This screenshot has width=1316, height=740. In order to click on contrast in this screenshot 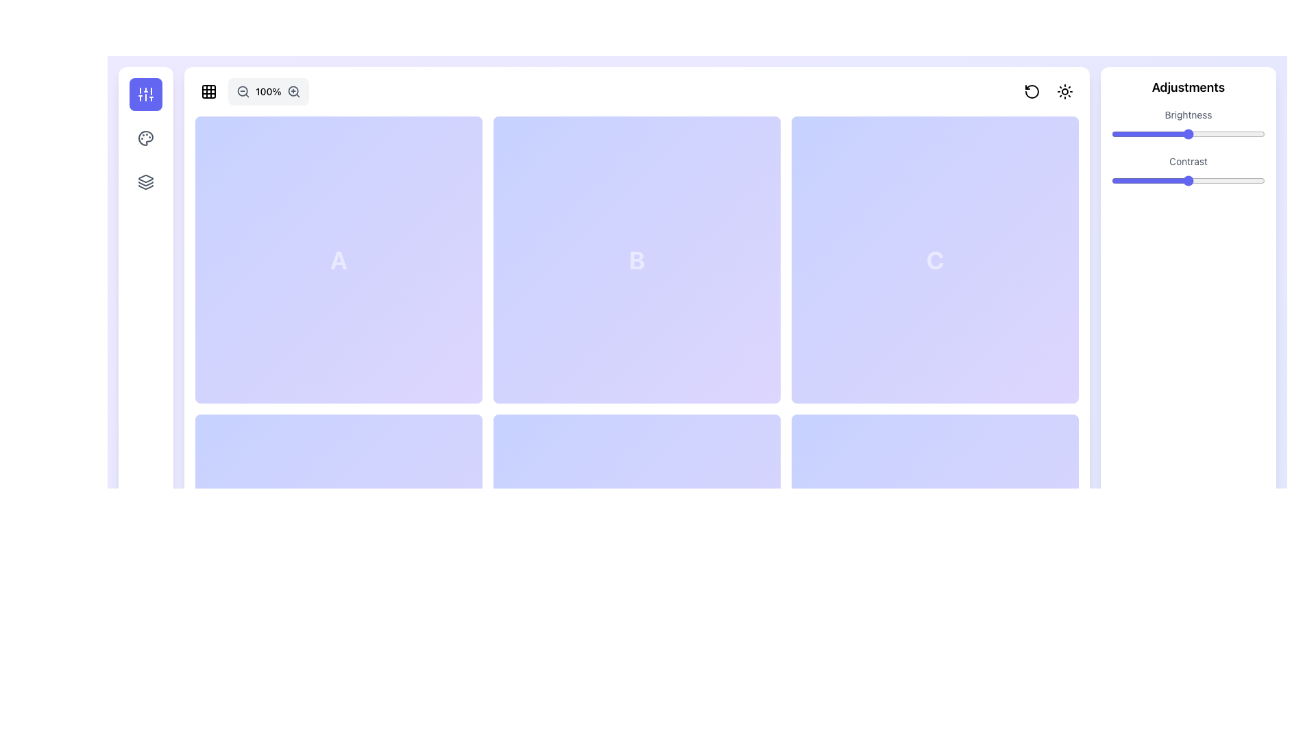, I will do `click(1177, 180)`.